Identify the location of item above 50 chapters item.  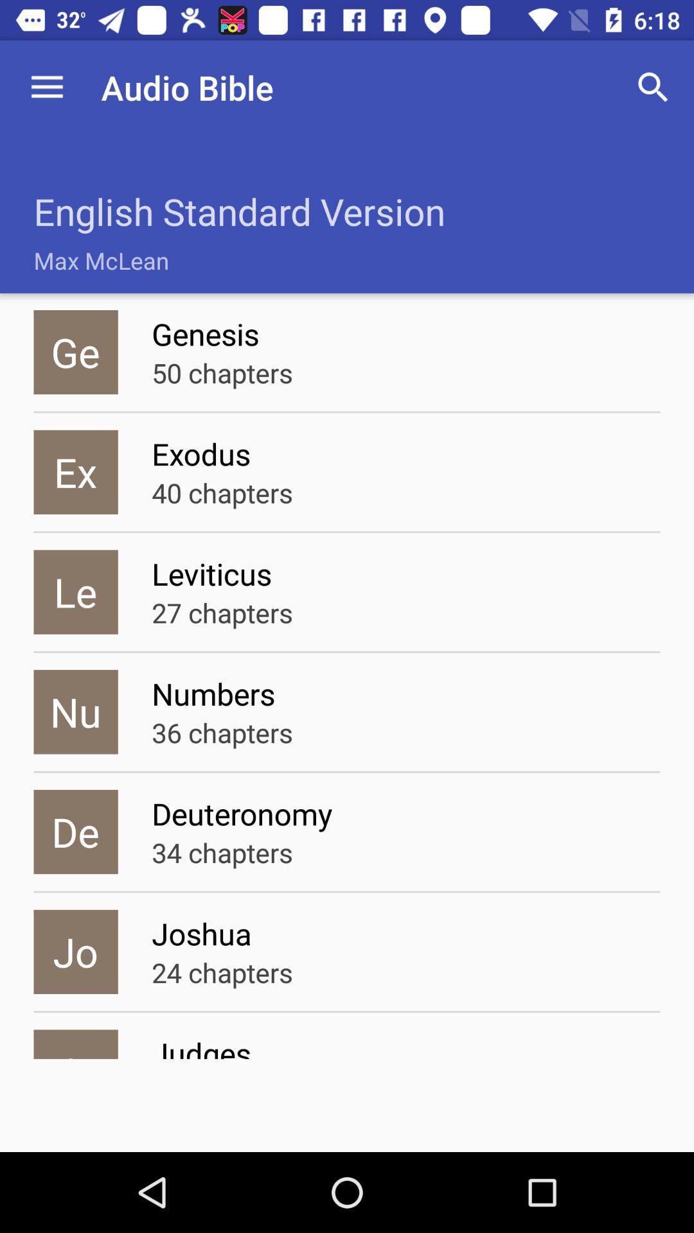
(405, 334).